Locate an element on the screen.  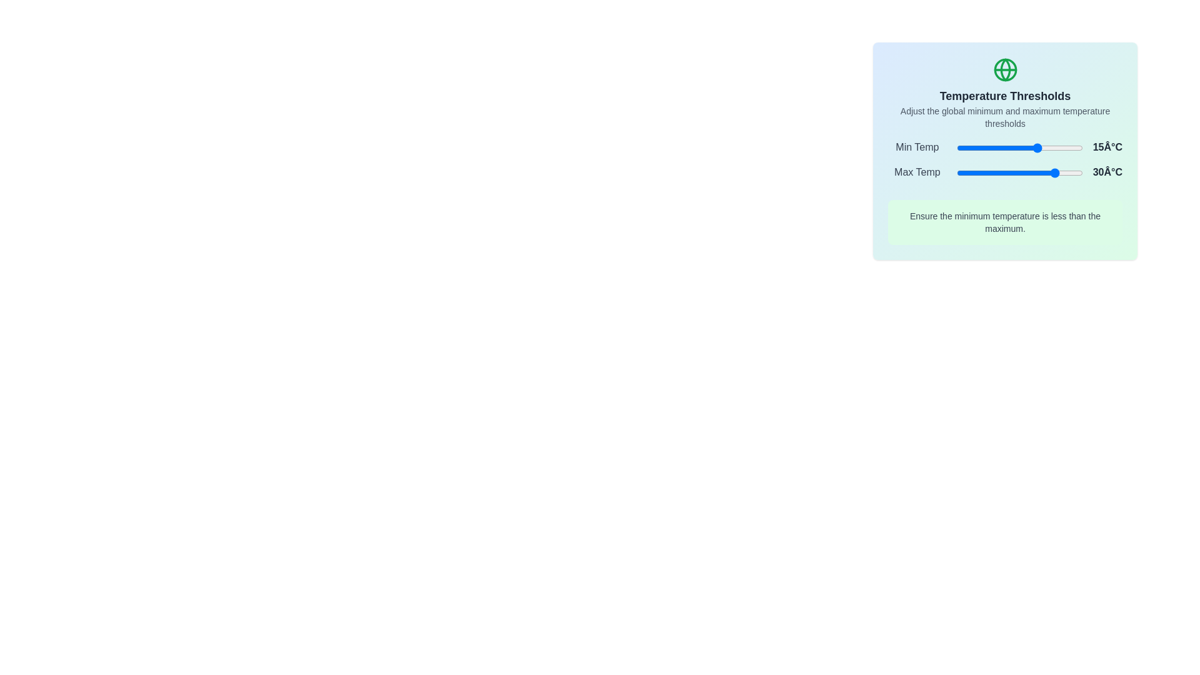
the minimum temperature slider to -18°C is located at coordinates (996, 147).